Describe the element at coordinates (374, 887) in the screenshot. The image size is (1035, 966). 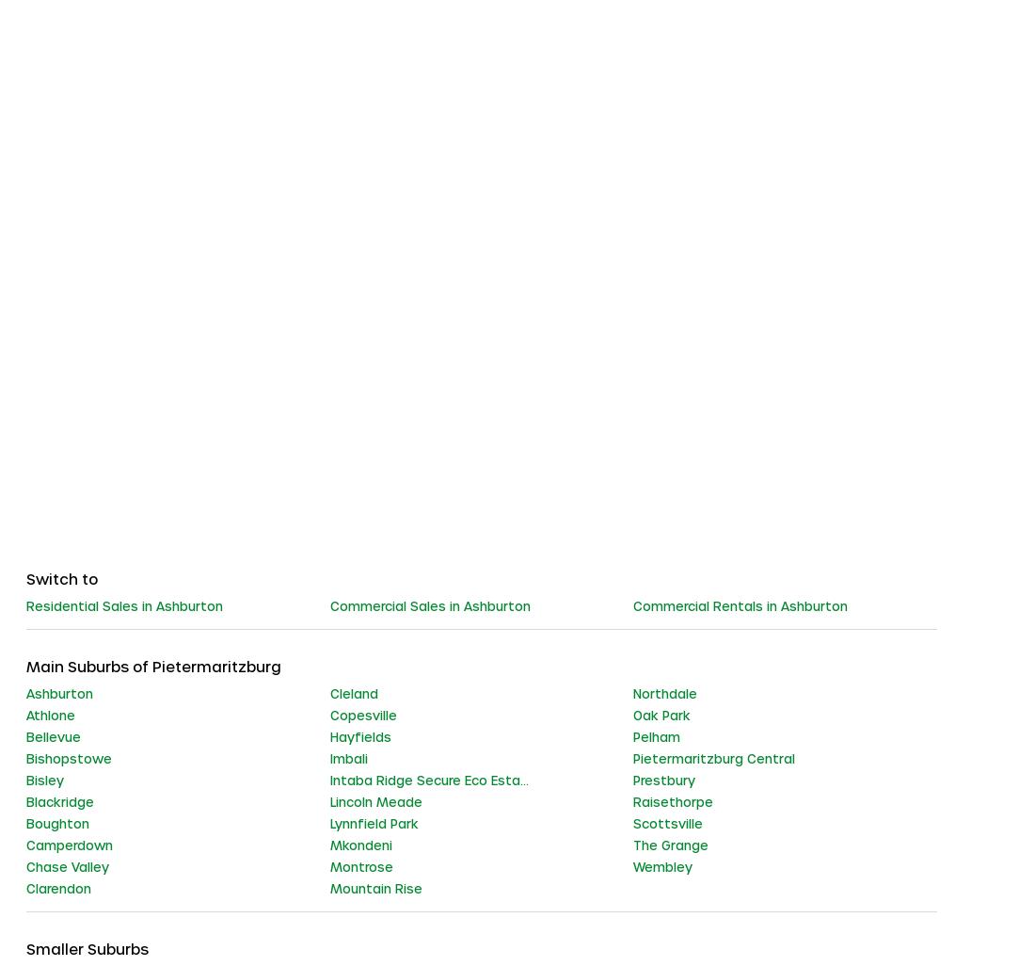
I see `'Mountain Rise'` at that location.